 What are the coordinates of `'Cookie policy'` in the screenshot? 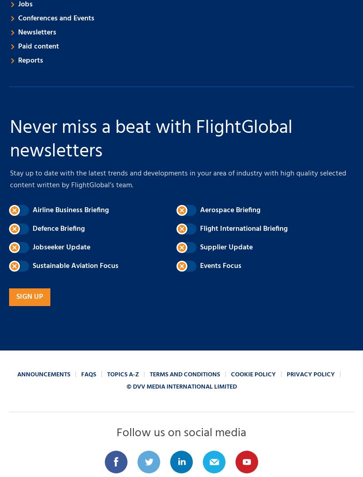 It's located at (253, 375).